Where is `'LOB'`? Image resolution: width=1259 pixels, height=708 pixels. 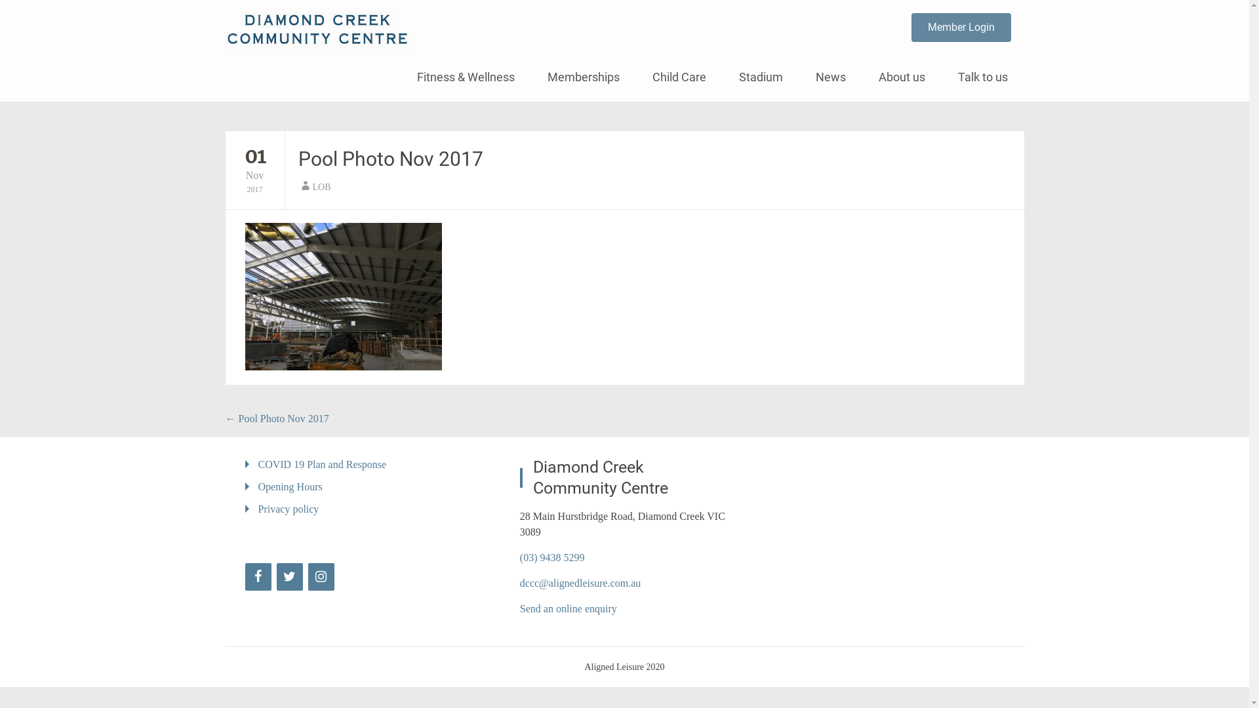
'LOB' is located at coordinates (321, 187).